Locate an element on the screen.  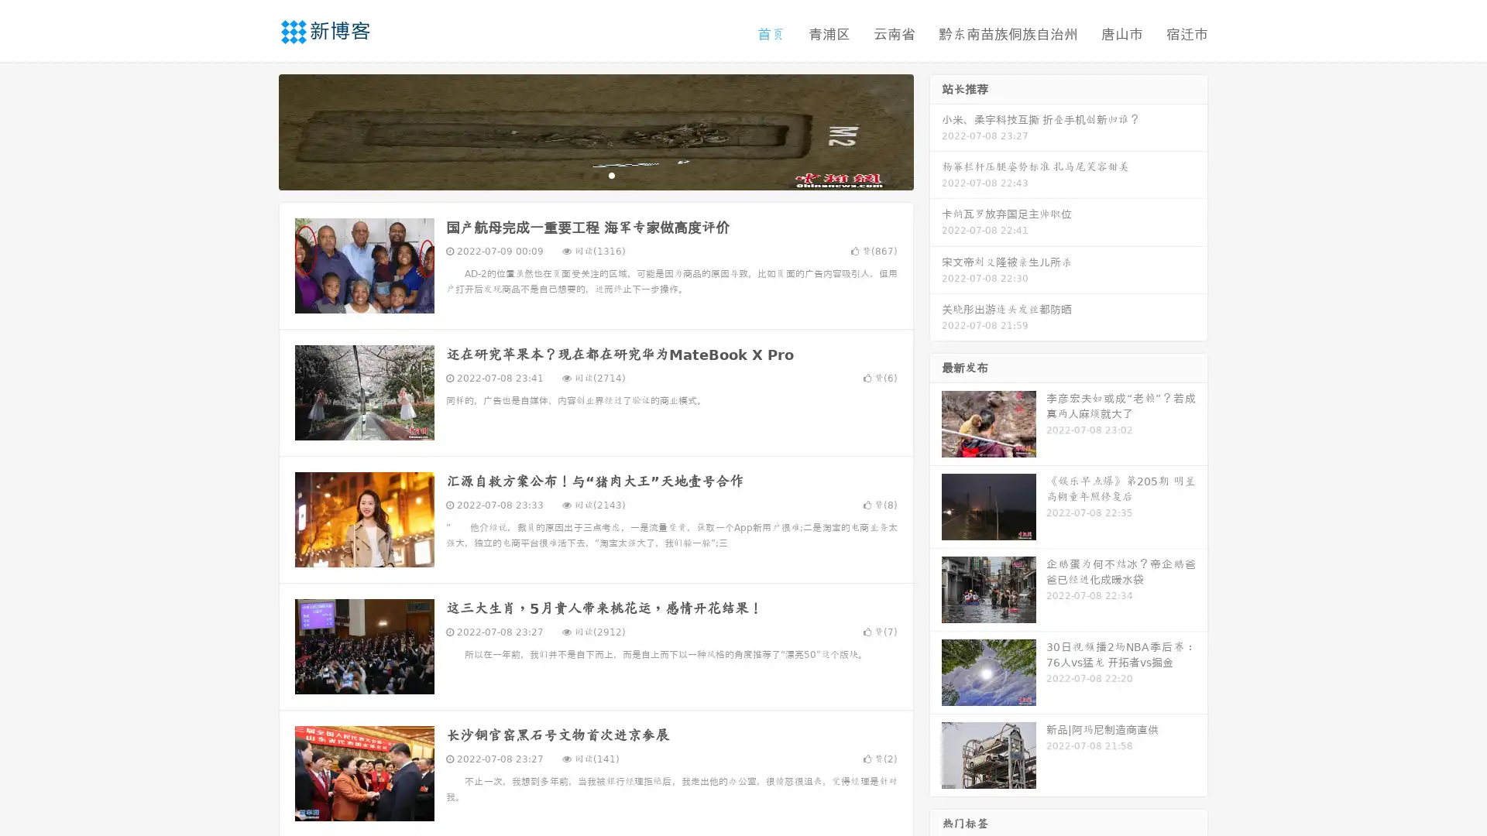
Go to slide 2 is located at coordinates (595, 174).